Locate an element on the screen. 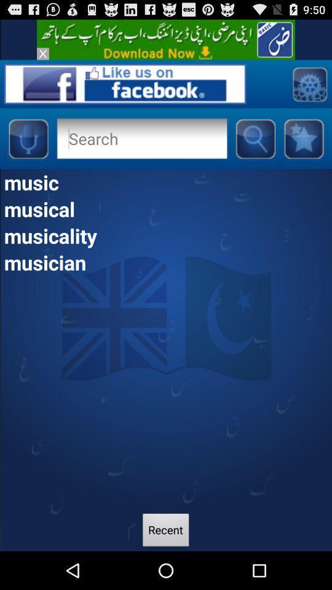 This screenshot has width=332, height=590. the star button at the top right of the page is located at coordinates (302, 138).